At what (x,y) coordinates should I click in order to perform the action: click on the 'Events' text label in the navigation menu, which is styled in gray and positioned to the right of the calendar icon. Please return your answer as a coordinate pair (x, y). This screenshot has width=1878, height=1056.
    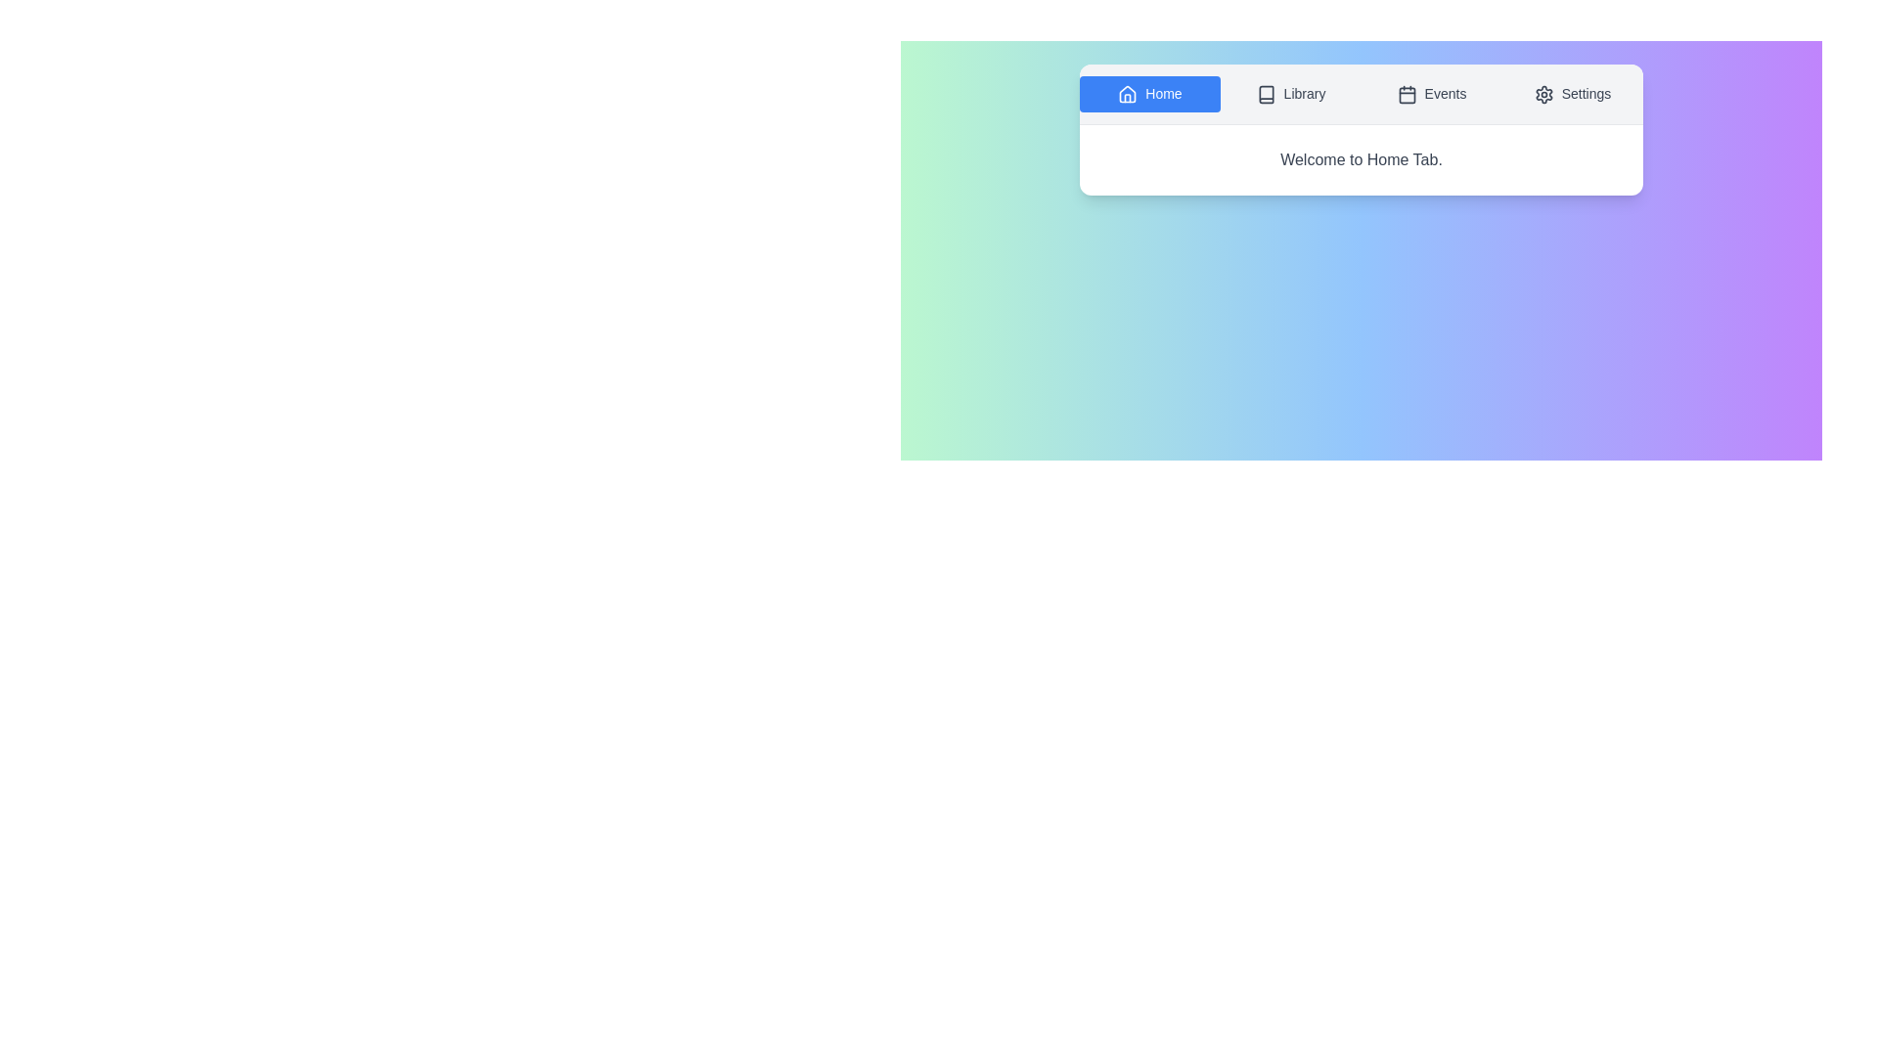
    Looking at the image, I should click on (1446, 94).